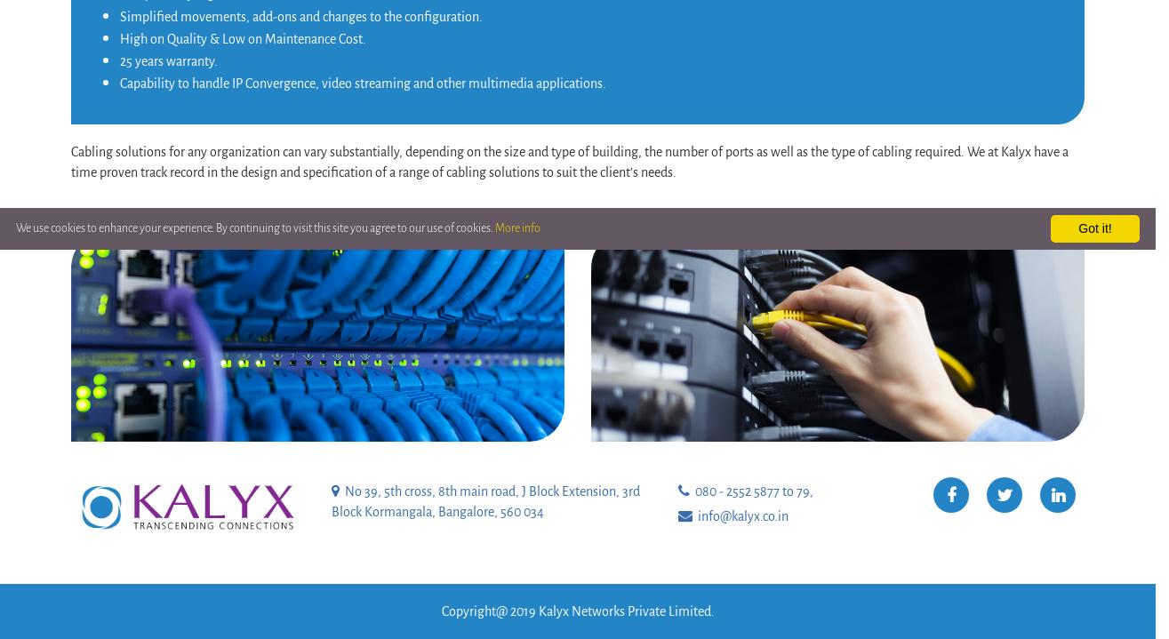 The height and width of the screenshot is (639, 1169). I want to click on '080 - 2552 5877 to 79,', so click(750, 489).